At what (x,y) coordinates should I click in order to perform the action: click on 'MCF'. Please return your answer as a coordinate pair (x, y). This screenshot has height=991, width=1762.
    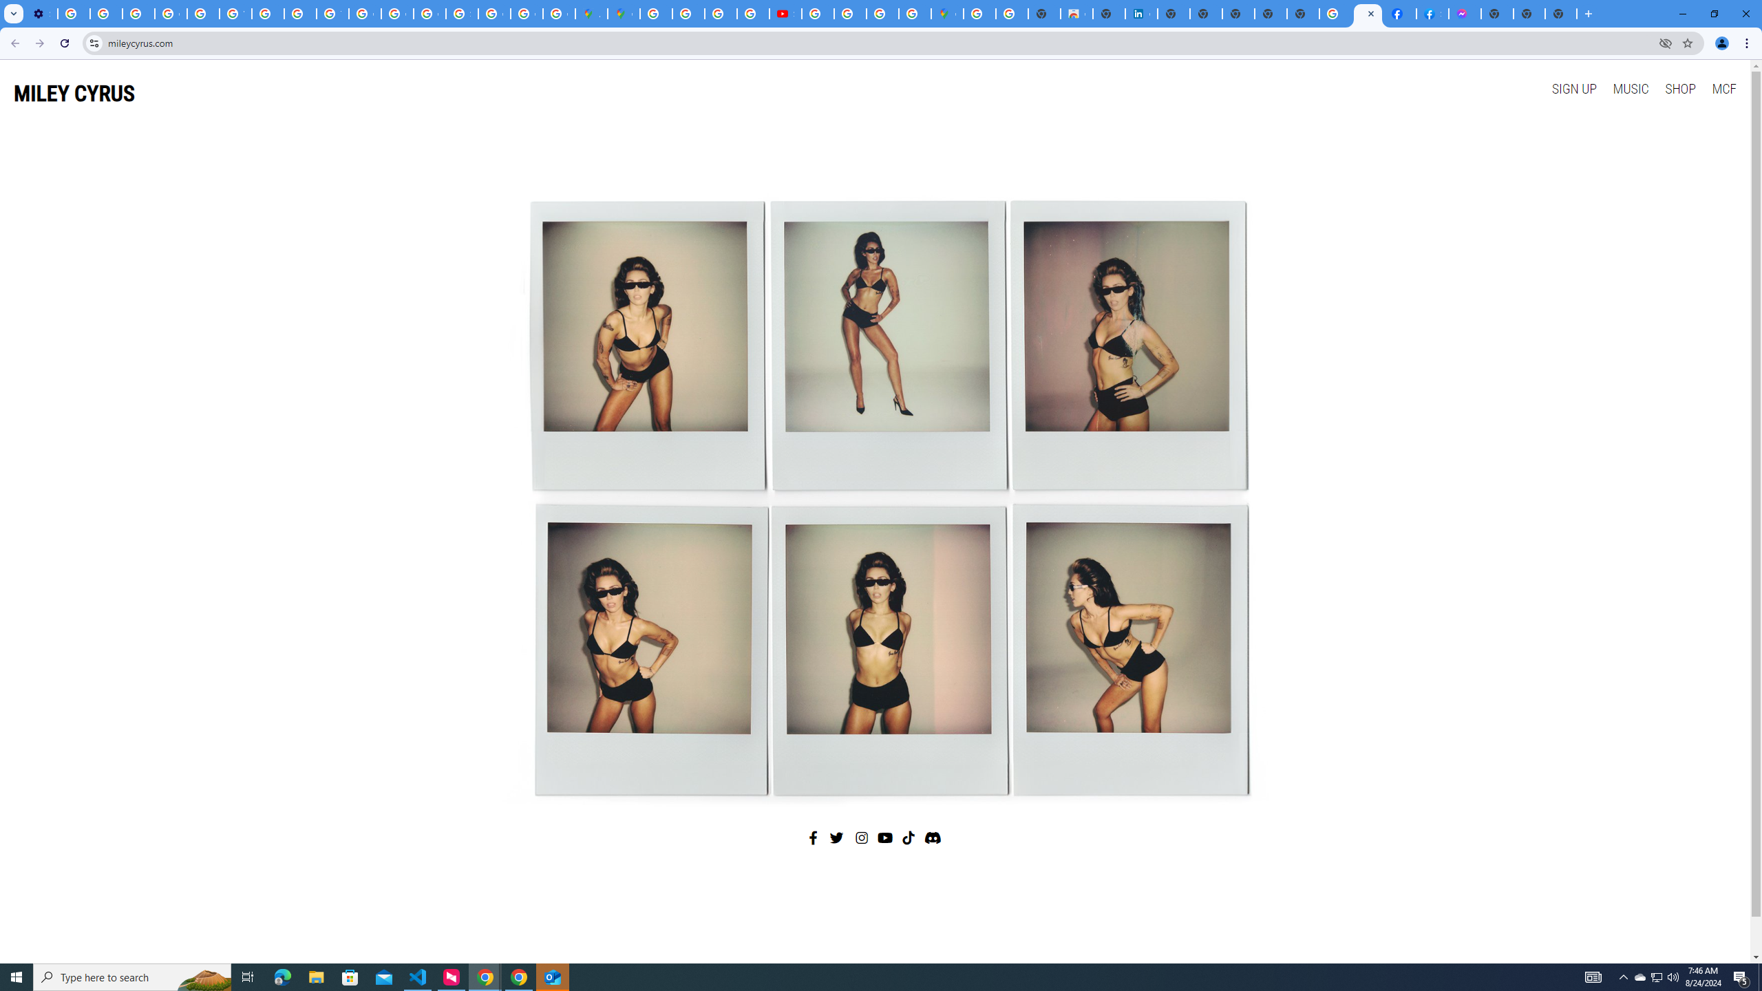
    Looking at the image, I should click on (1723, 87).